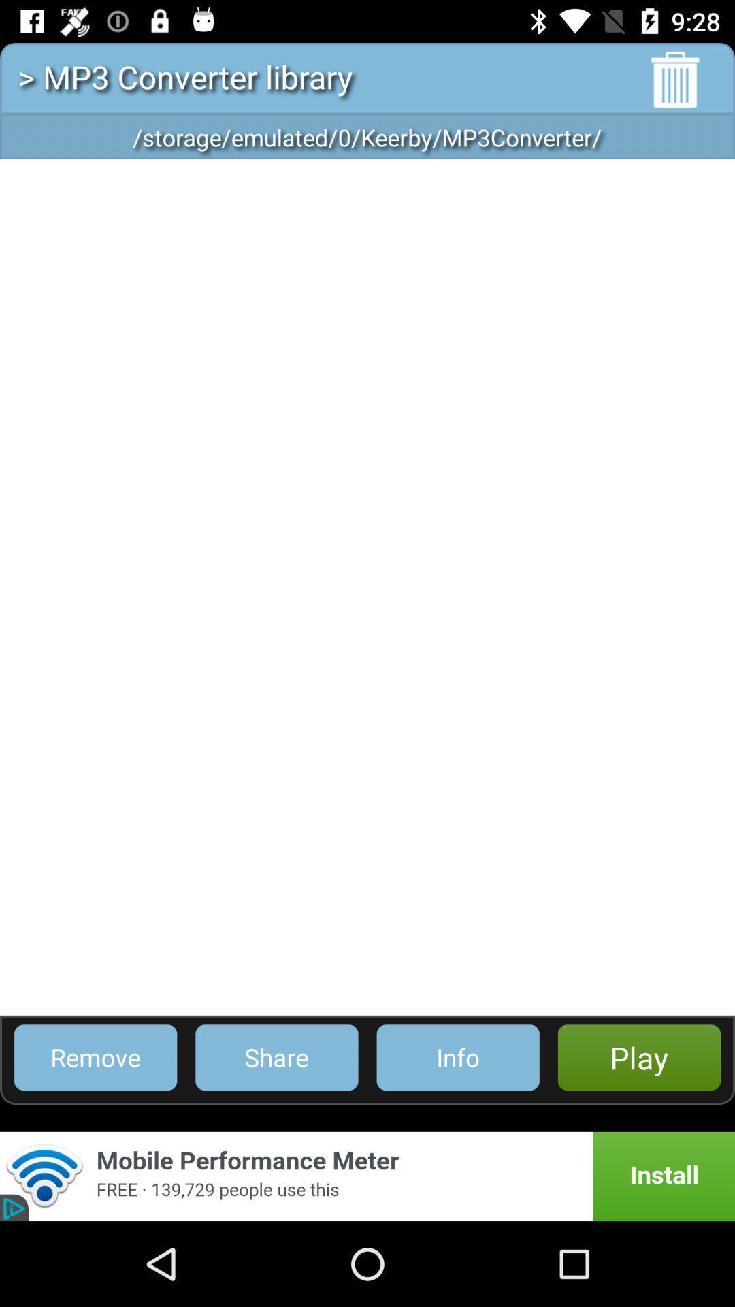 This screenshot has width=735, height=1307. What do you see at coordinates (675, 79) in the screenshot?
I see `the icon to the right of the > mp3 converter library icon` at bounding box center [675, 79].